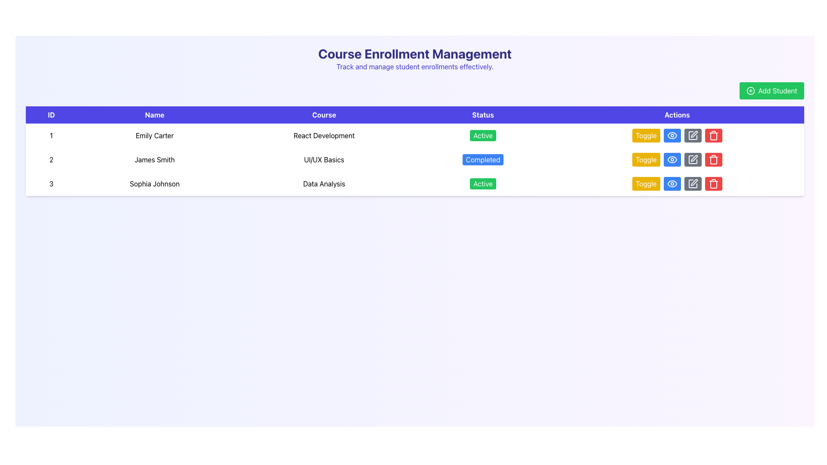  I want to click on the pen icon in the Actions column of the third row to initiate editing, so click(693, 136).